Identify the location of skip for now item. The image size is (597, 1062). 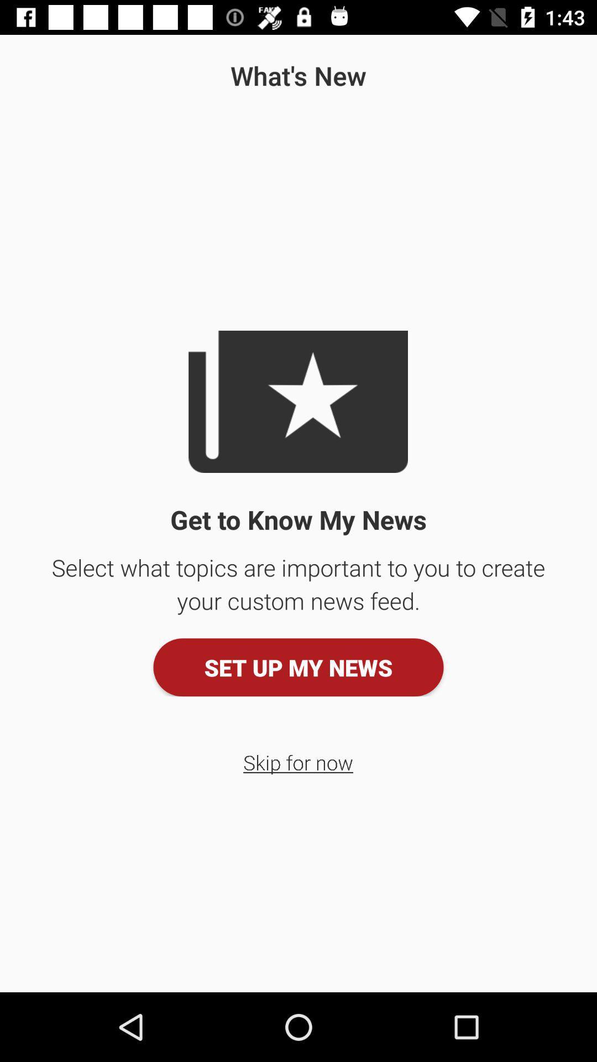
(297, 762).